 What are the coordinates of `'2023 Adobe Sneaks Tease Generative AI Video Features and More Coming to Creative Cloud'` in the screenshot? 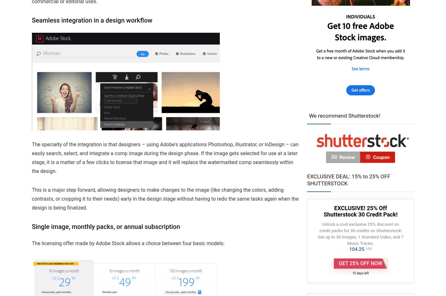 It's located at (267, 18).